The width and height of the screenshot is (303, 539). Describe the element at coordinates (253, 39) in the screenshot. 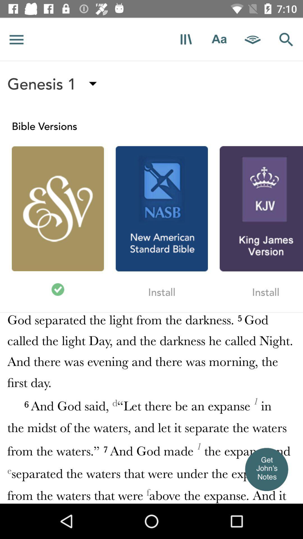

I see `presence of signal` at that location.